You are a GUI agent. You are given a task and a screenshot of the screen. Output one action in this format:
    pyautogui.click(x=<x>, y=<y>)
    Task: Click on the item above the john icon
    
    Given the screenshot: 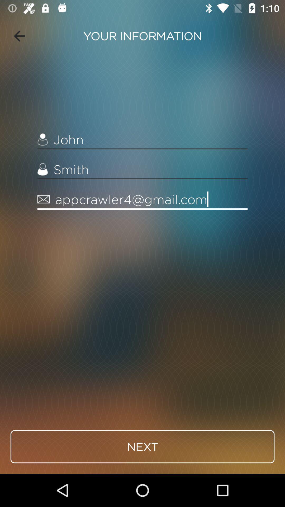 What is the action you would take?
    pyautogui.click(x=19, y=36)
    